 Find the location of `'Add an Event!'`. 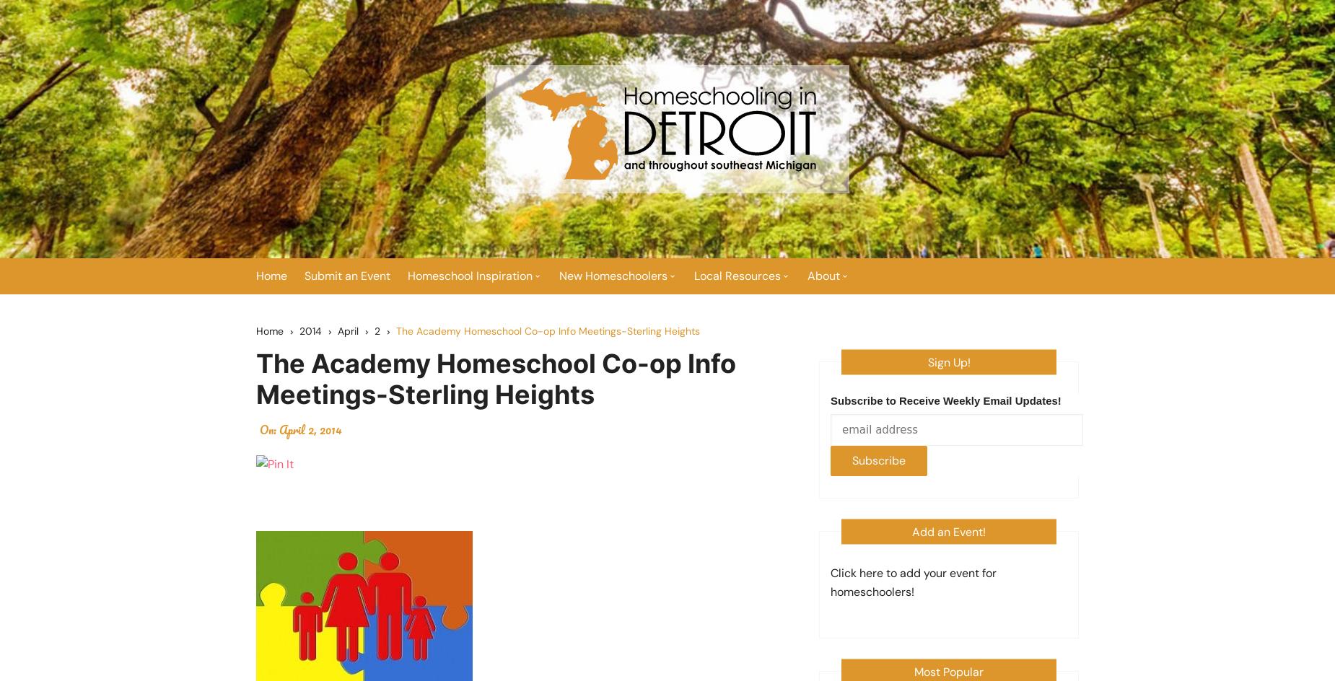

'Add an Event!' is located at coordinates (911, 531).